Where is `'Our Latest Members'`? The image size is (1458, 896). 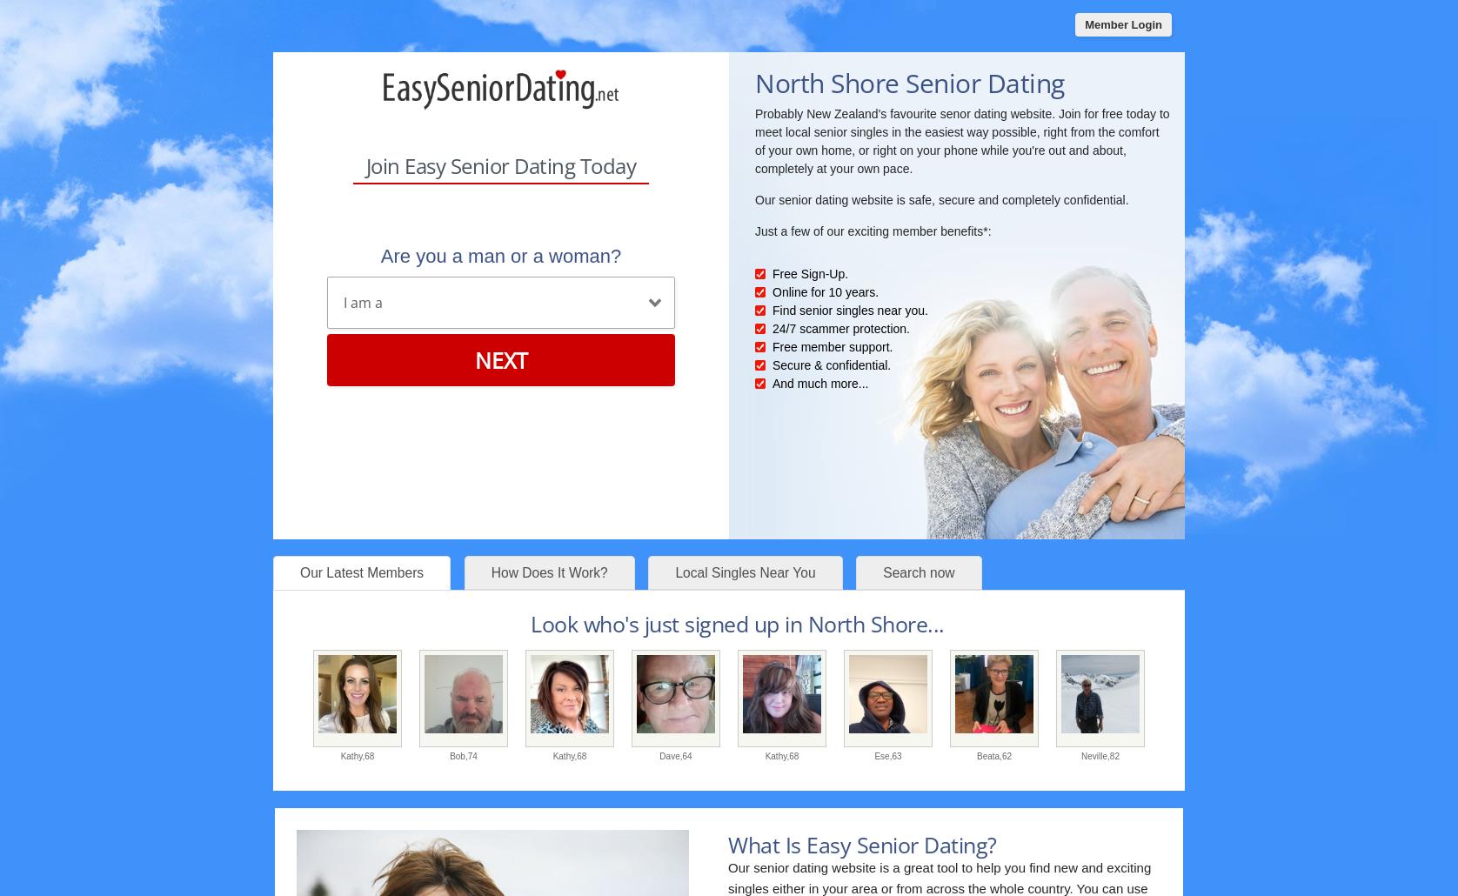 'Our Latest Members' is located at coordinates (360, 572).